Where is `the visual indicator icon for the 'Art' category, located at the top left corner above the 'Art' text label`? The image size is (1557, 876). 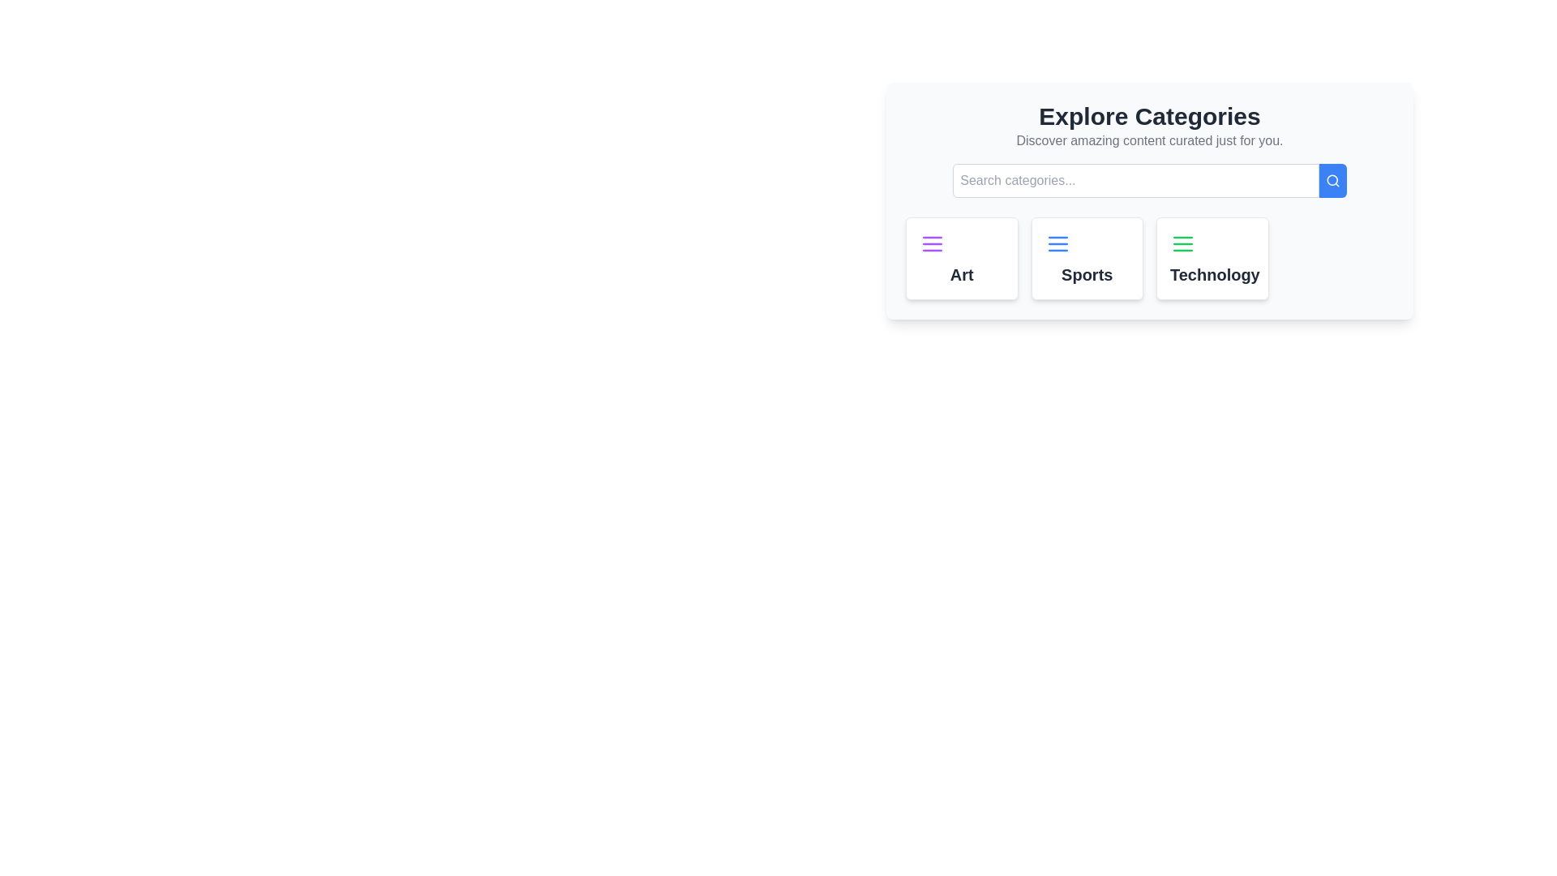 the visual indicator icon for the 'Art' category, located at the top left corner above the 'Art' text label is located at coordinates (933, 243).